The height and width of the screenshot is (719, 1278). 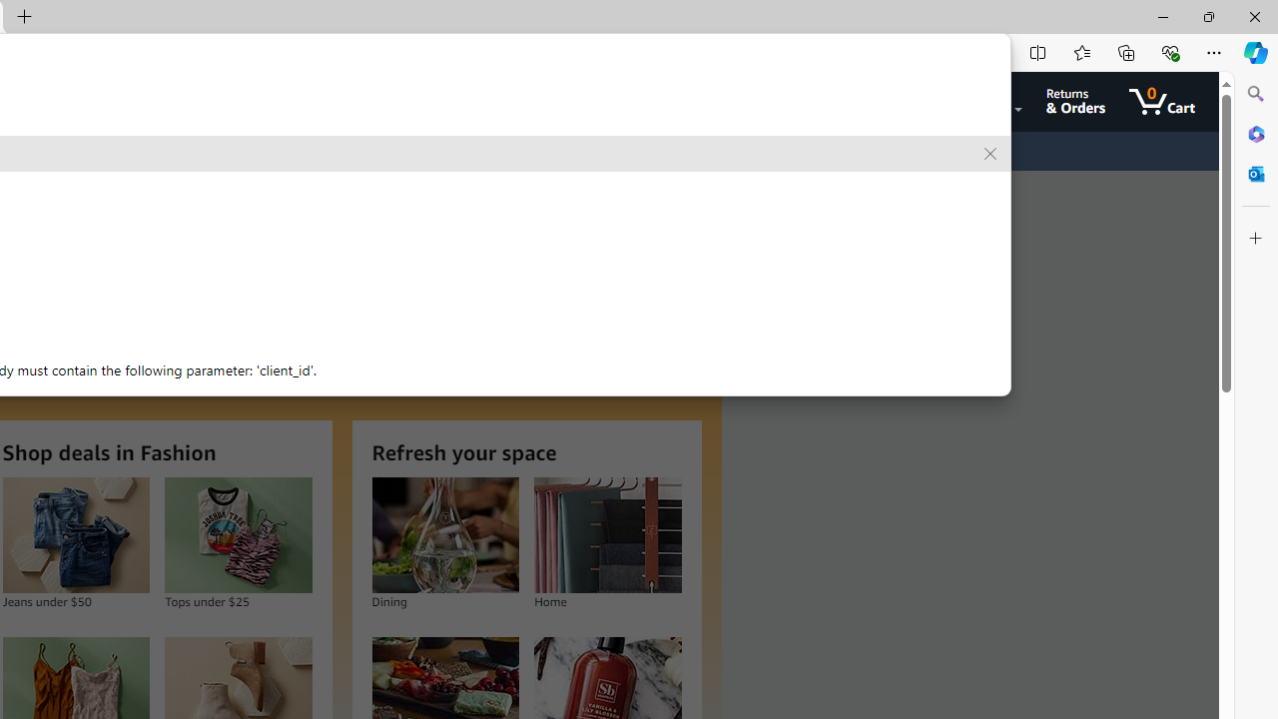 I want to click on 'Jeans under $50', so click(x=76, y=534).